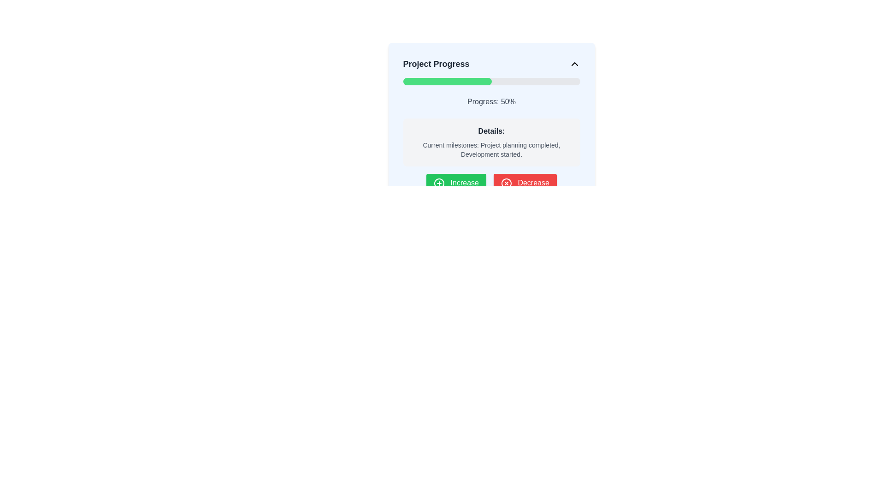  I want to click on the icon located within the 'Decrease' button, which is positioned at the bottom-right region of the card titled 'Project Progress', to interact with it, so click(506, 183).